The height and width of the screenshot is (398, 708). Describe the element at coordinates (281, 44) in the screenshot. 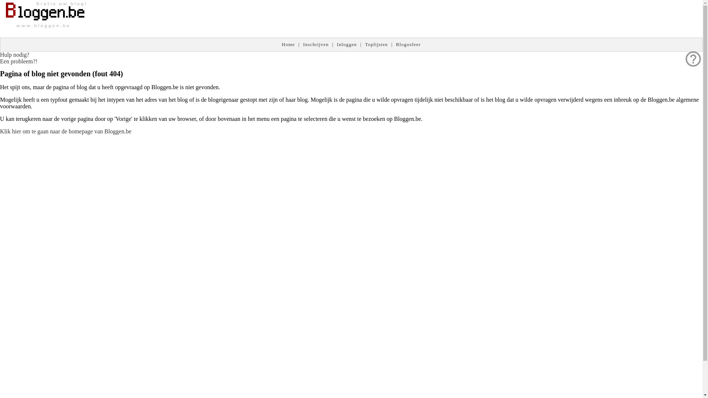

I see `'Home'` at that location.